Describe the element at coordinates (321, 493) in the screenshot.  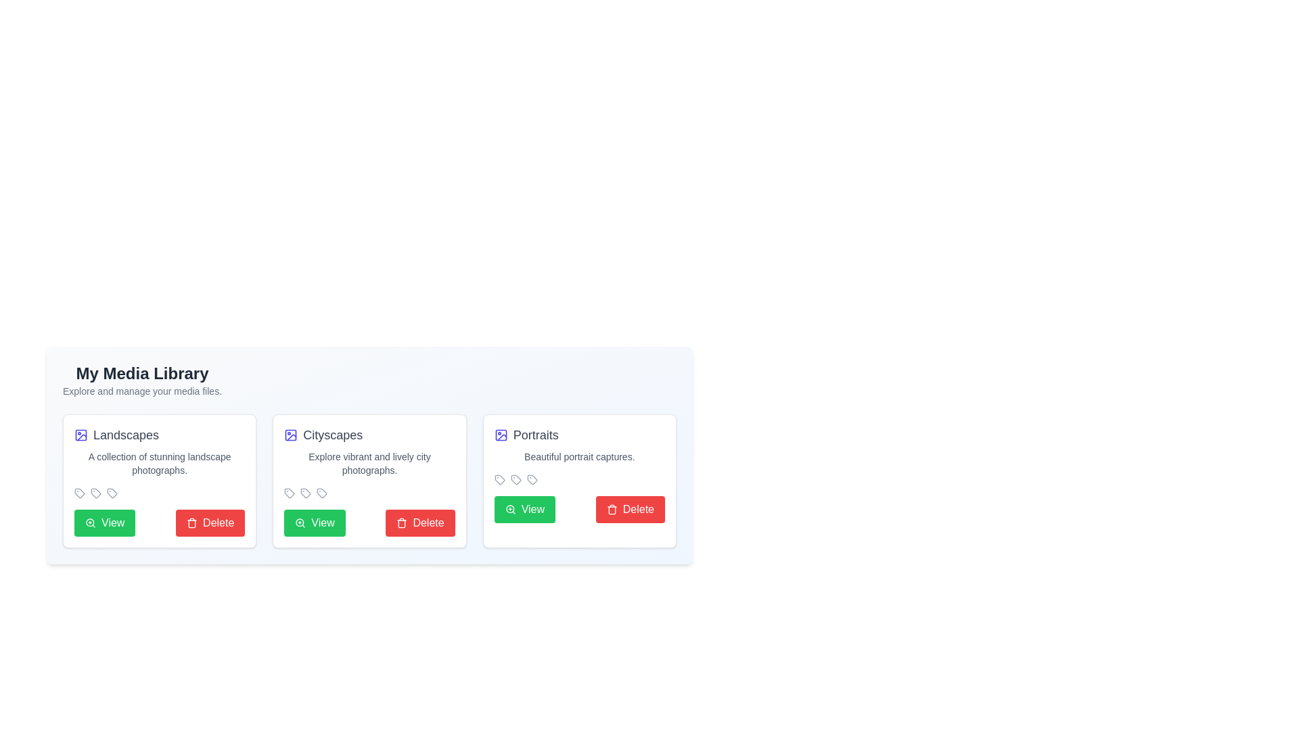
I see `the third tag icon, which is light gray with a thin outline, located at the bottom row of the 'Cityscapes' card in the media library section` at that location.